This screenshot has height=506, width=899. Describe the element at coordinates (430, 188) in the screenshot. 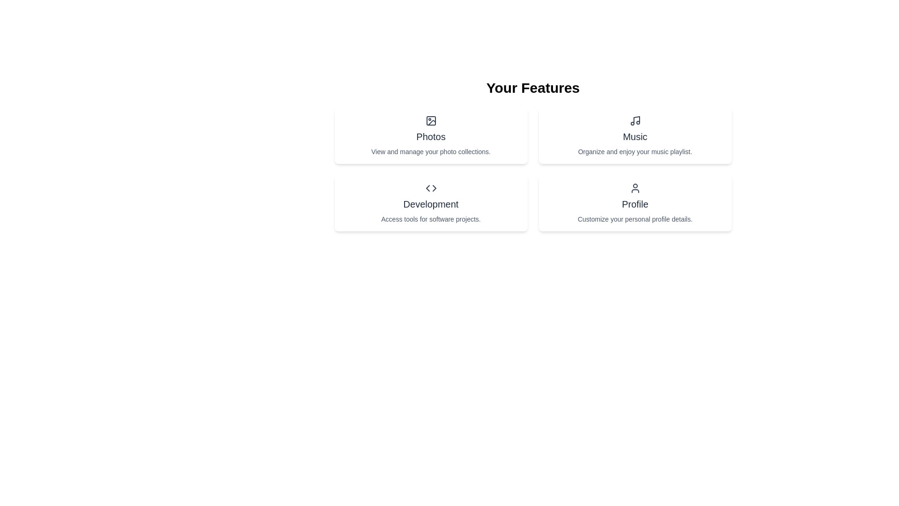

I see `the icon representing coding or development located at the top-center of the 'Development' card` at that location.